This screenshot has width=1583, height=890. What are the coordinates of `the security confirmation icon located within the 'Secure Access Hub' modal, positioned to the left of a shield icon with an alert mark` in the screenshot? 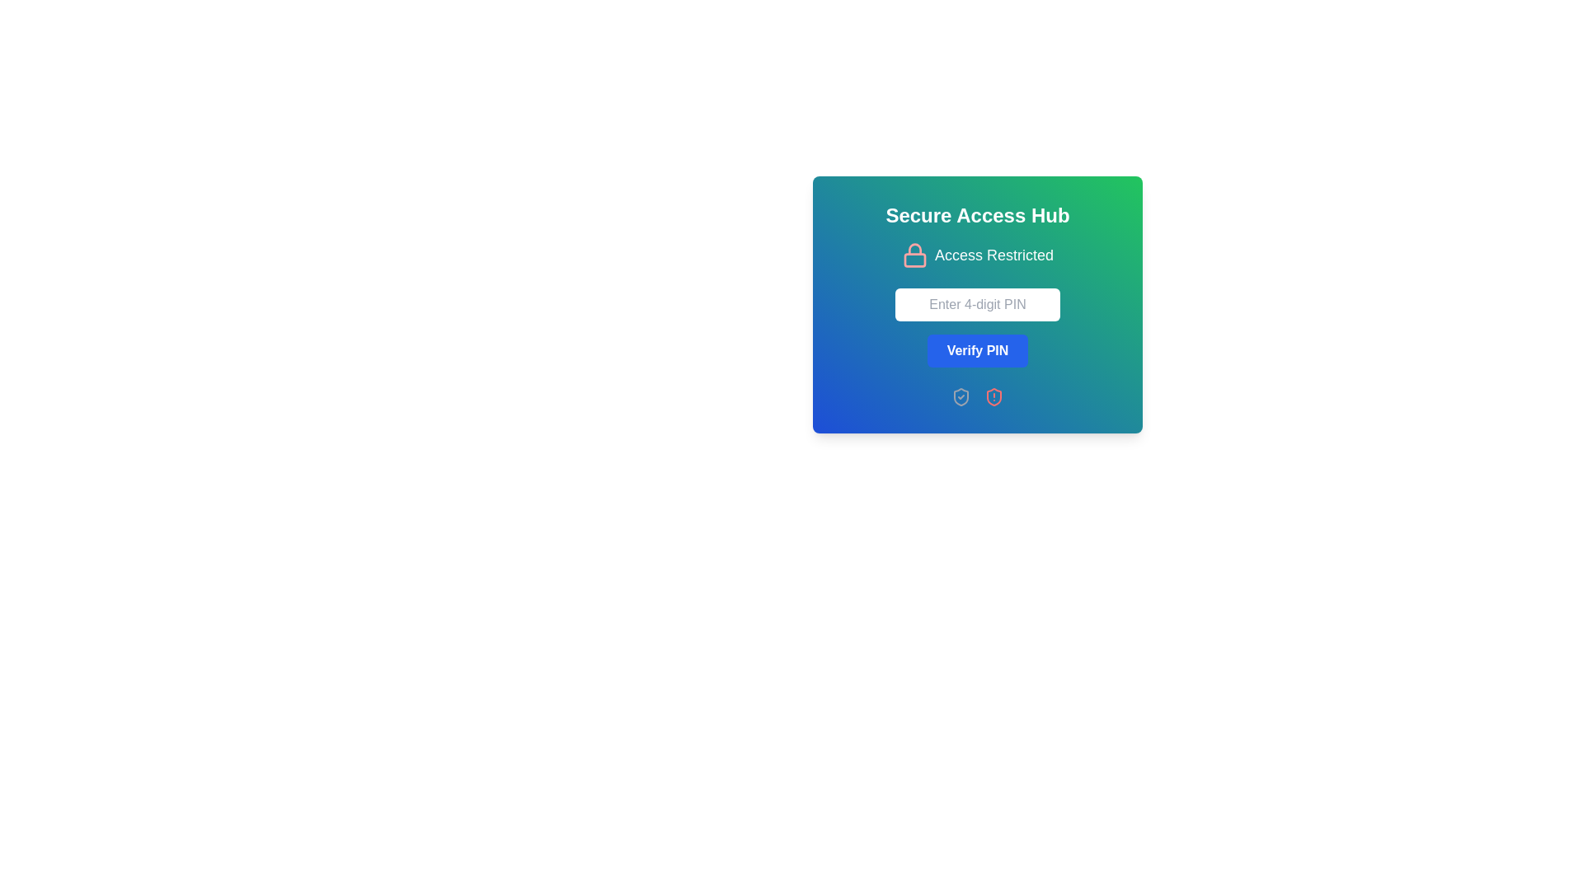 It's located at (961, 397).